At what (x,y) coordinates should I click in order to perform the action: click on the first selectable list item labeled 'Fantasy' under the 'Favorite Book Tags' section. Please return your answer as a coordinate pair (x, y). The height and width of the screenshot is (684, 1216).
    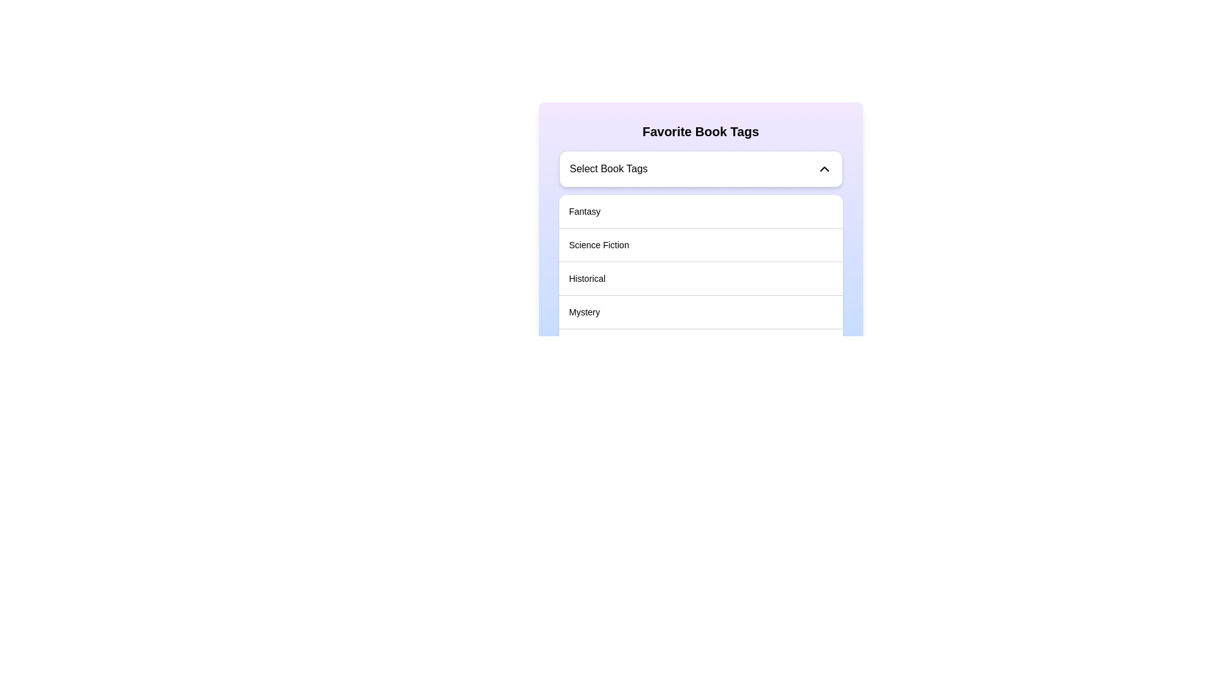
    Looking at the image, I should click on (700, 211).